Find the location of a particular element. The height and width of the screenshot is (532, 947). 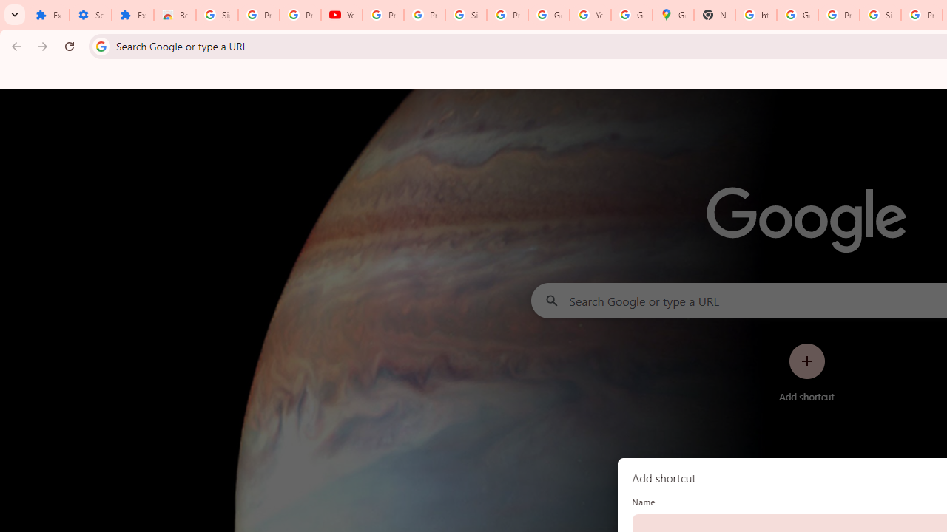

'Extensions' is located at coordinates (132, 15).